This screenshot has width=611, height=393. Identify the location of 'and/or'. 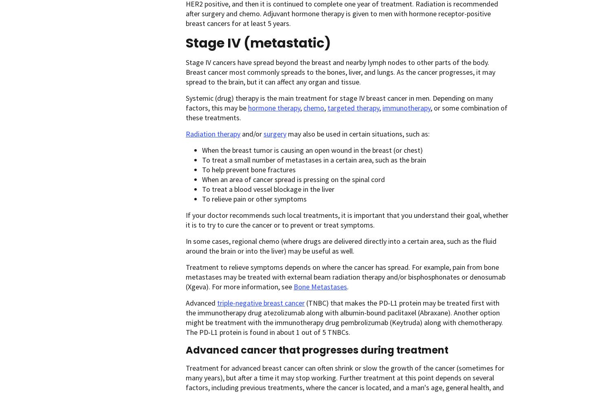
(240, 134).